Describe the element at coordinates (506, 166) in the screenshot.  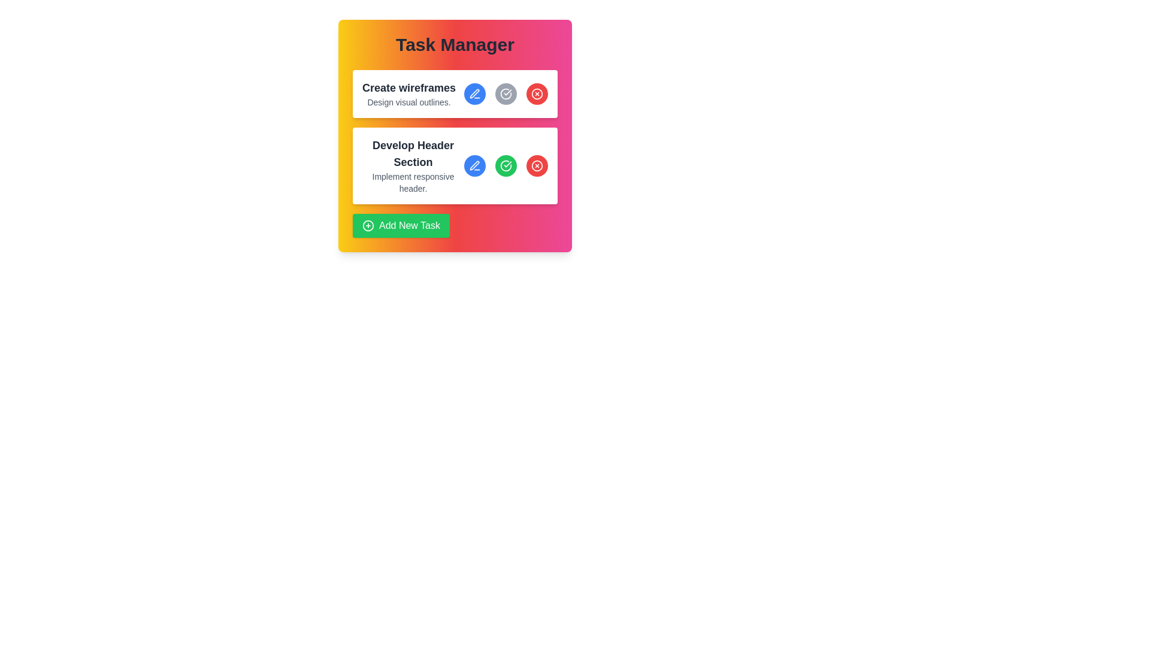
I see `the 'complete task' button located to the right of the text 'Develop Header Section' in the second row of the task list to mark the task as complete` at that location.